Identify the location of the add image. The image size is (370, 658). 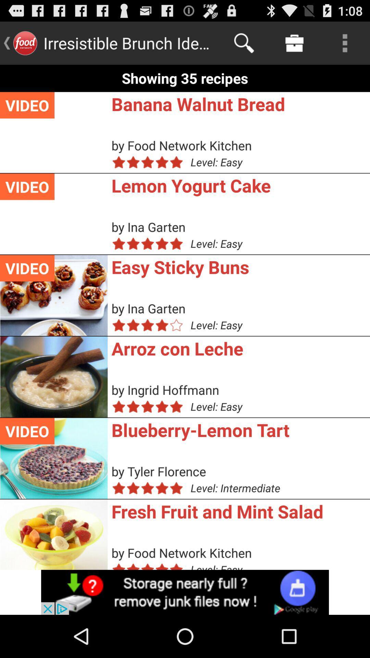
(185, 592).